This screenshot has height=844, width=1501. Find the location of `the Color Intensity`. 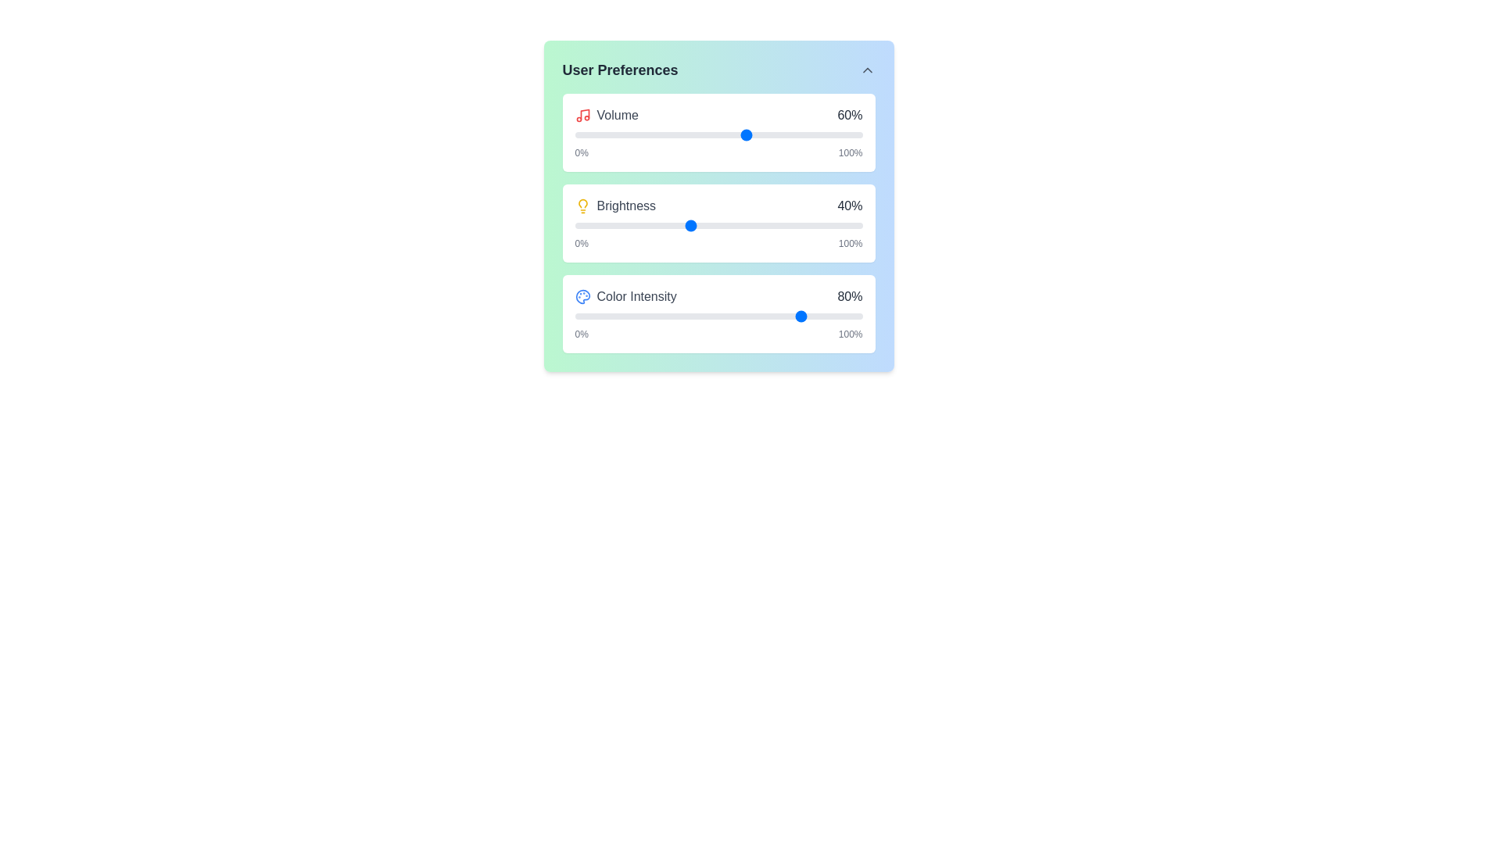

the Color Intensity is located at coordinates (658, 316).